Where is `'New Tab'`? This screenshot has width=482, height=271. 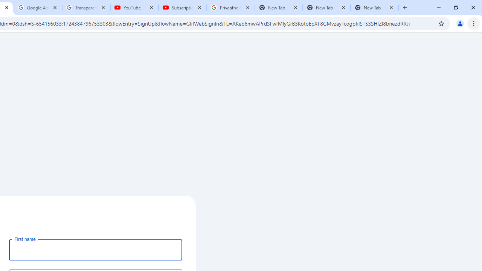 'New Tab' is located at coordinates (374, 8).